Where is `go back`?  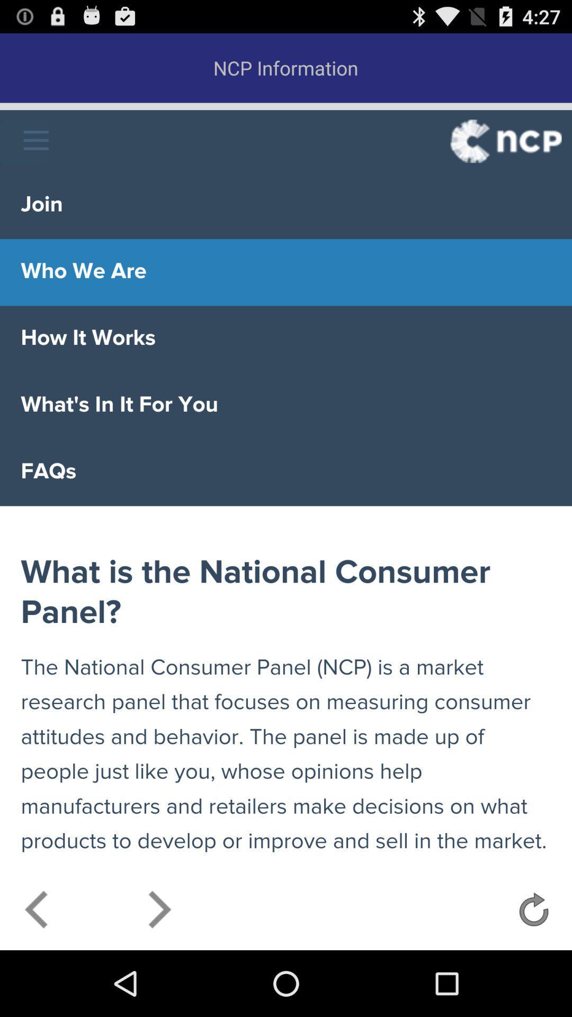 go back is located at coordinates (37, 912).